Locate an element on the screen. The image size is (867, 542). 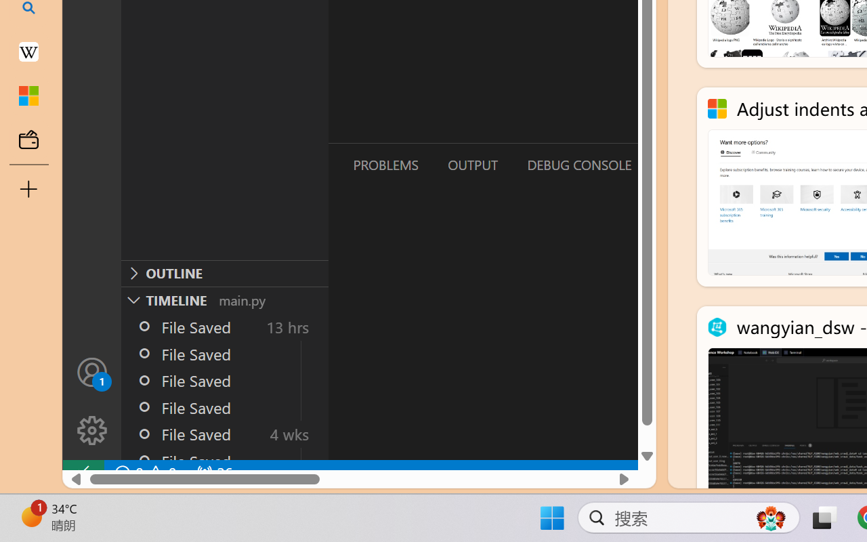
'Terminal (Ctrl+`)' is located at coordinates (692, 164).